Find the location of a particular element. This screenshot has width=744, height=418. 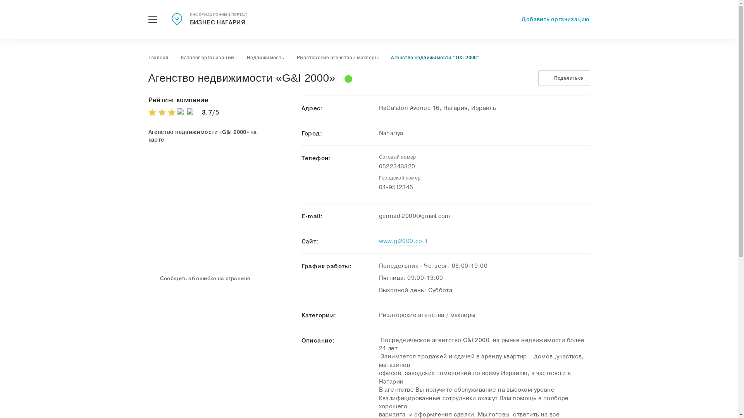

'0522343320' is located at coordinates (397, 166).